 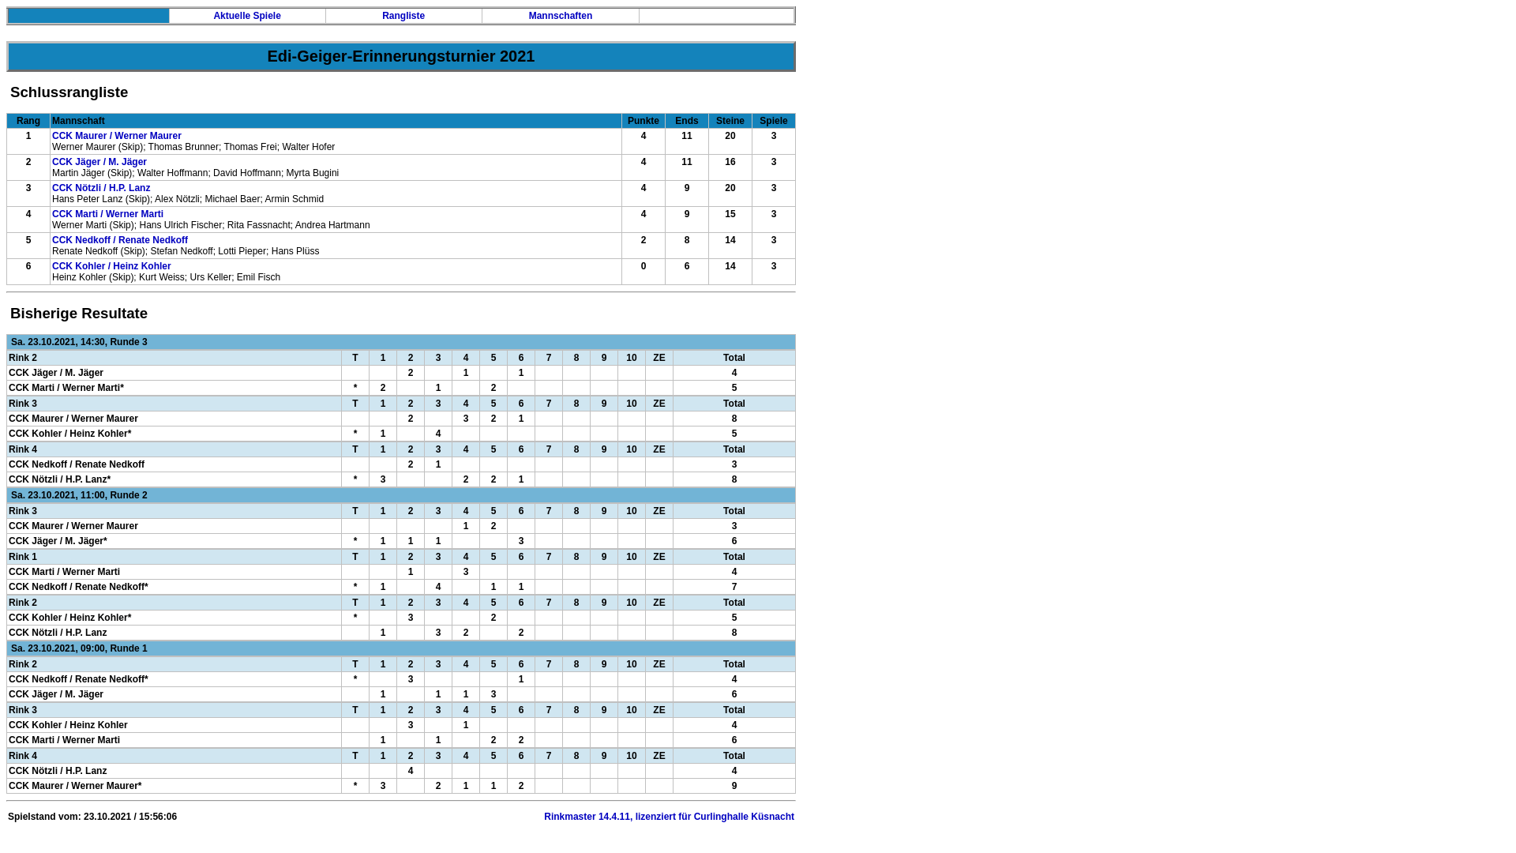 I want to click on 'CCK Nedkoff / Renate Nedkoff', so click(x=52, y=240).